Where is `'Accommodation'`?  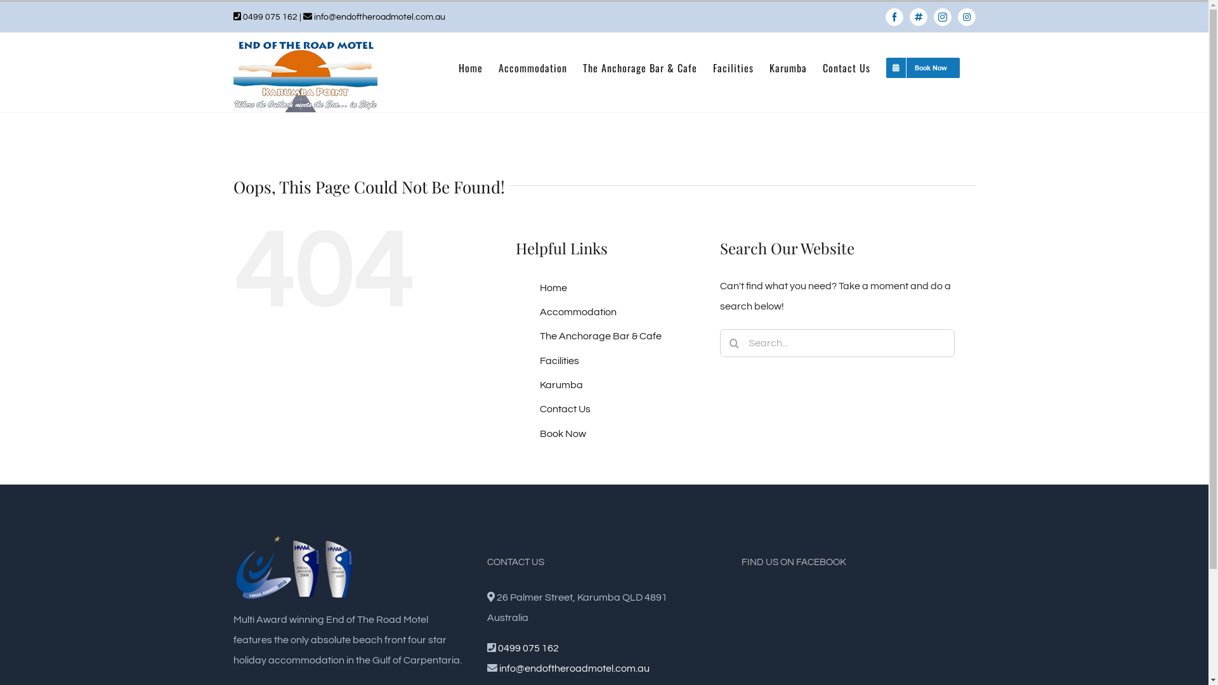
'Accommodation' is located at coordinates (577, 312).